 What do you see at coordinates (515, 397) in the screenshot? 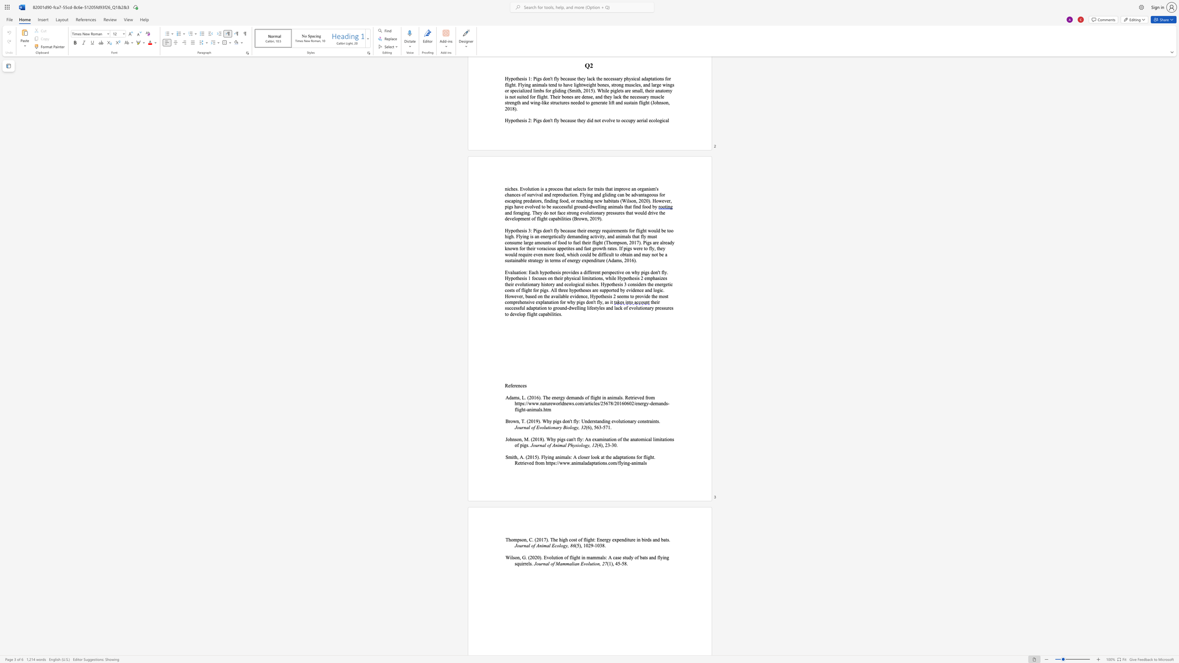
I see `the 1th character "m" in the text` at bounding box center [515, 397].